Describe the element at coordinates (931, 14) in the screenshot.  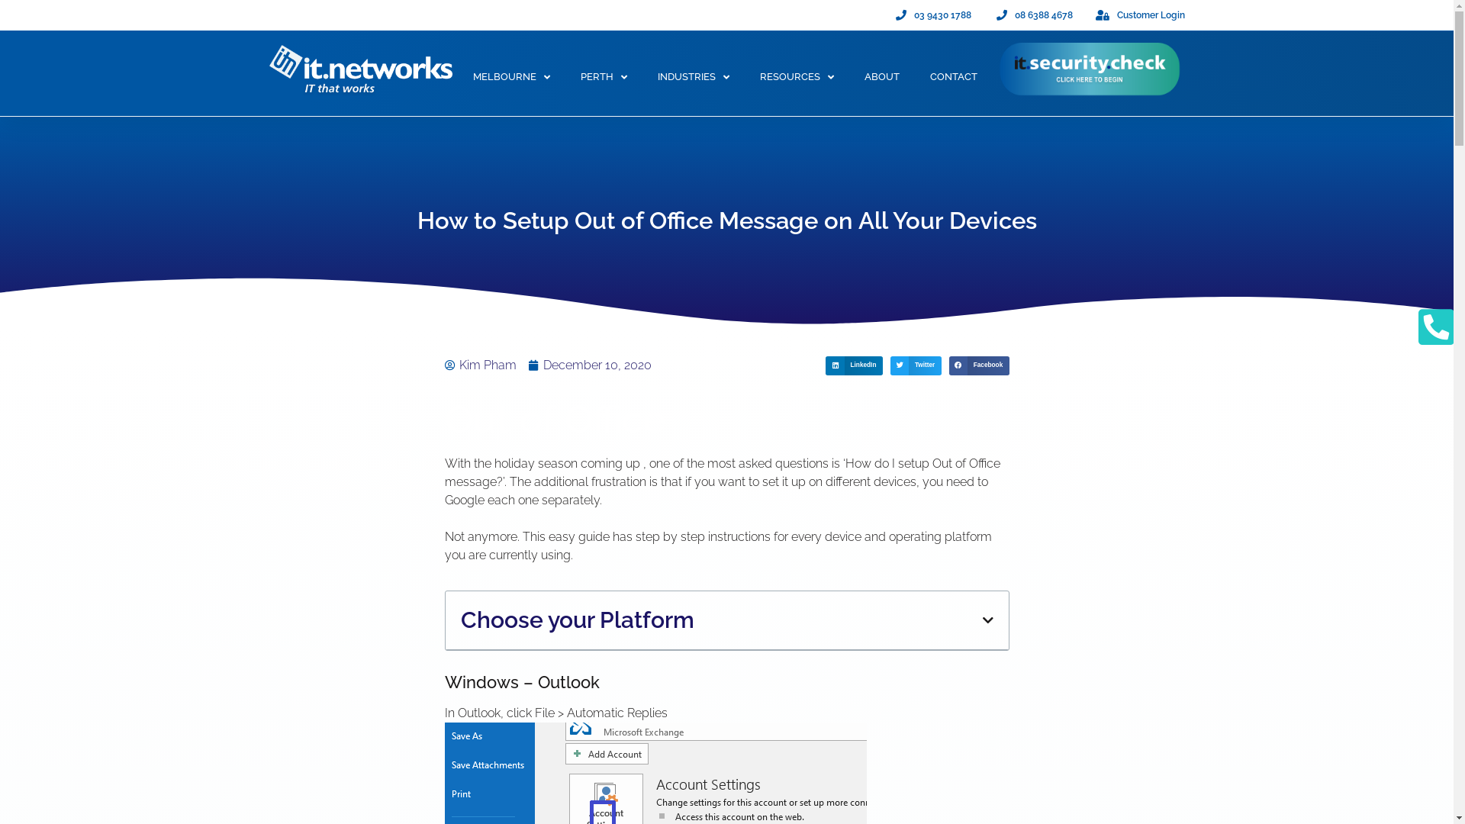
I see `'03 9430 1788'` at that location.